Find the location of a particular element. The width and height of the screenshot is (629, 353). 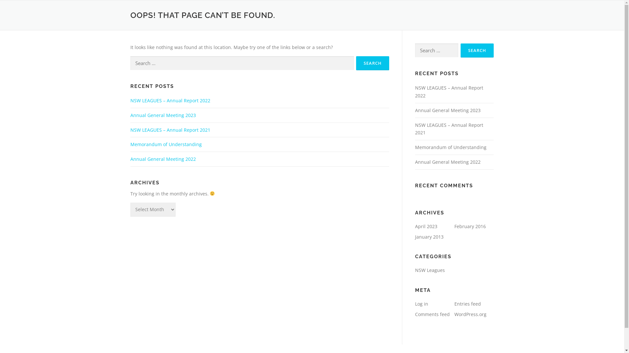

'February 2016' is located at coordinates (469, 226).